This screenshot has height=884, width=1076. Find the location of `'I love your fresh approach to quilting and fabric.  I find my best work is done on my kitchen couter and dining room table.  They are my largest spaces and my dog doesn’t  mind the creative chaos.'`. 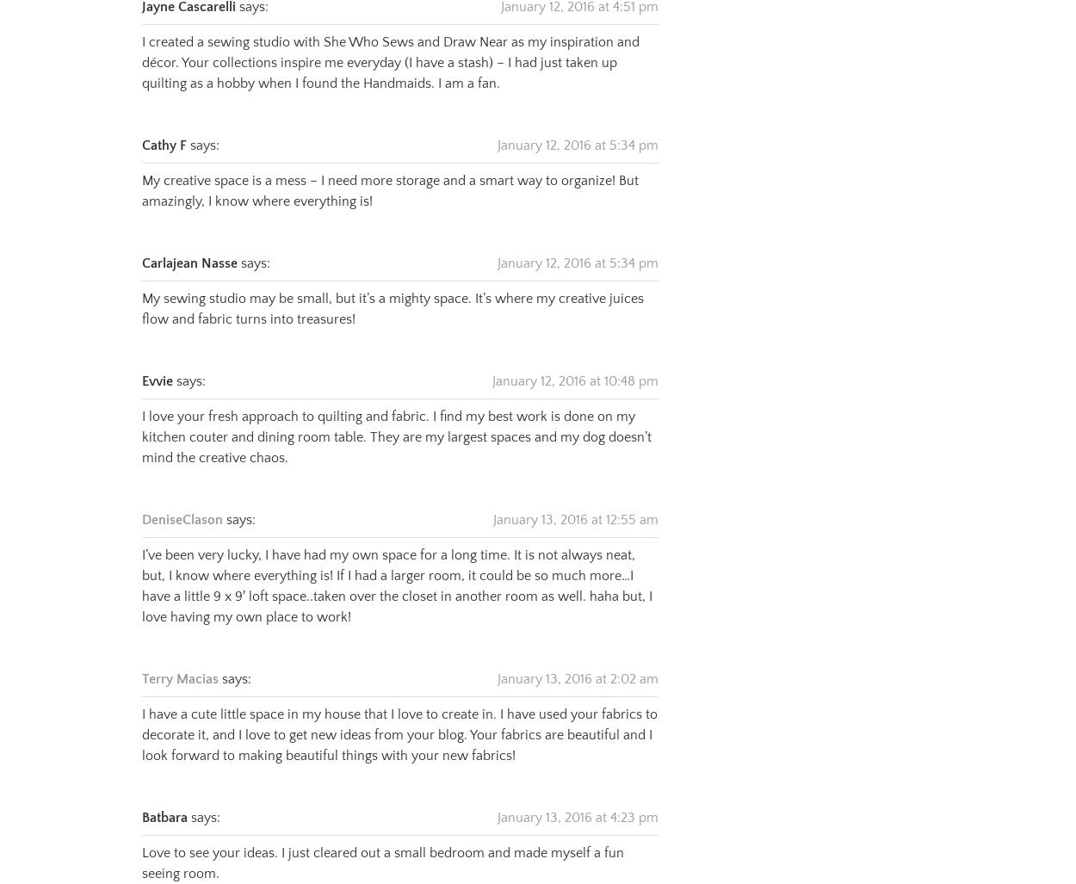

'I love your fresh approach to quilting and fabric.  I find my best work is done on my kitchen couter and dining room table.  They are my largest spaces and my dog doesn’t  mind the creative chaos.' is located at coordinates (396, 415).